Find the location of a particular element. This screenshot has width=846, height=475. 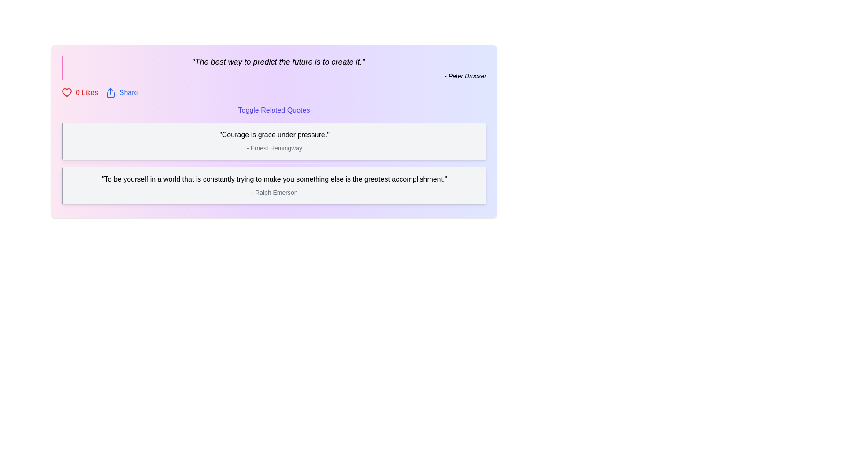

the red heart-shaped icon representing a like or favorite feature, located to the left of the '0 Likes' text is located at coordinates (67, 93).